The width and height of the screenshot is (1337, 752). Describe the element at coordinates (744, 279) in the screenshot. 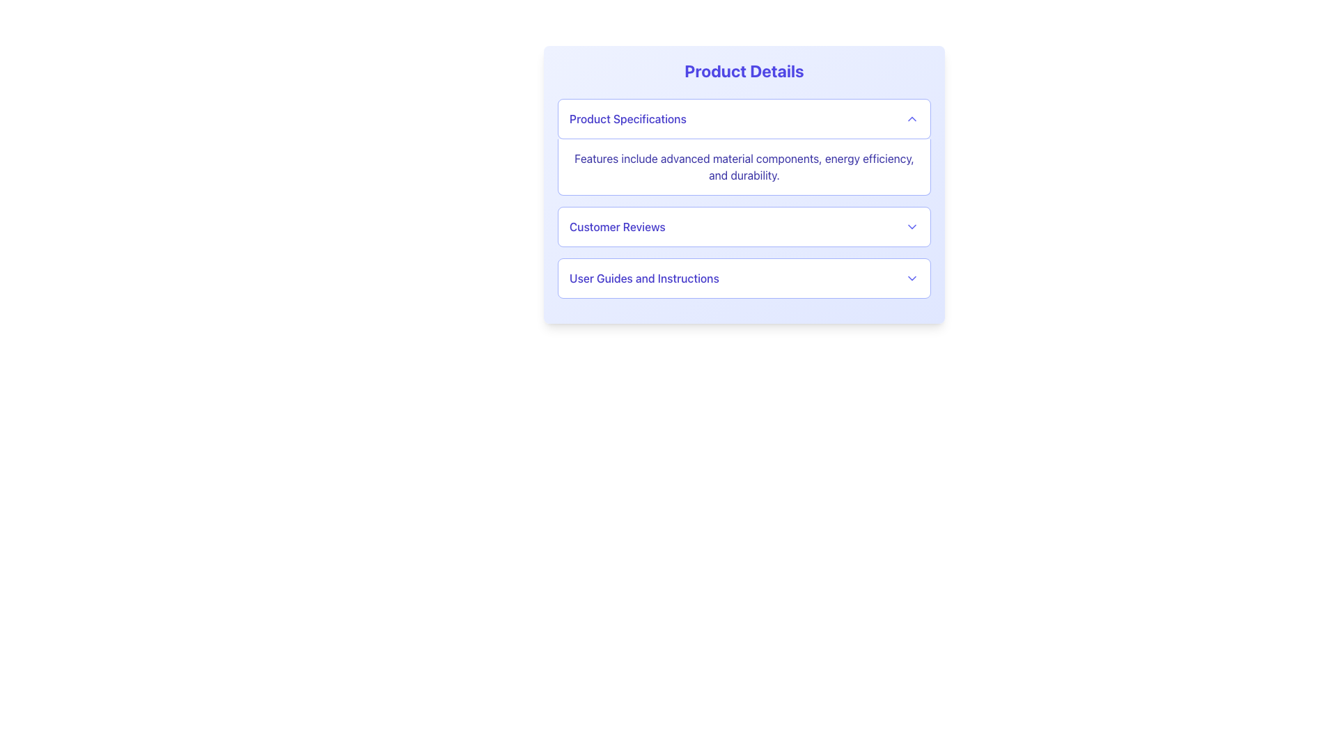

I see `the 'User Guides and Instructions' collapsible button located in the 'Product Details' section` at that location.